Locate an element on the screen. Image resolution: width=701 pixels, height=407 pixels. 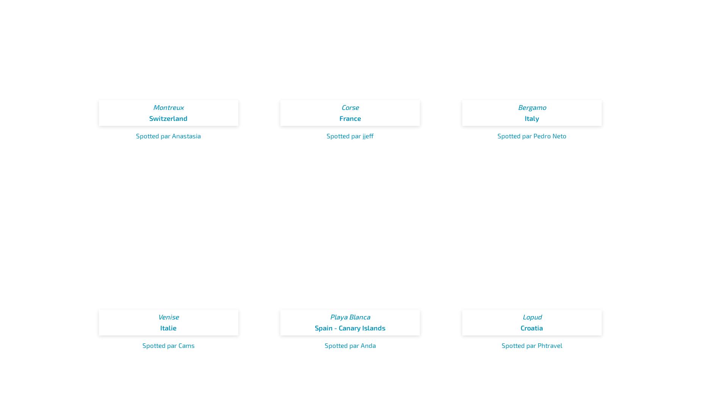
'Spotted par Anastasia' is located at coordinates (168, 135).